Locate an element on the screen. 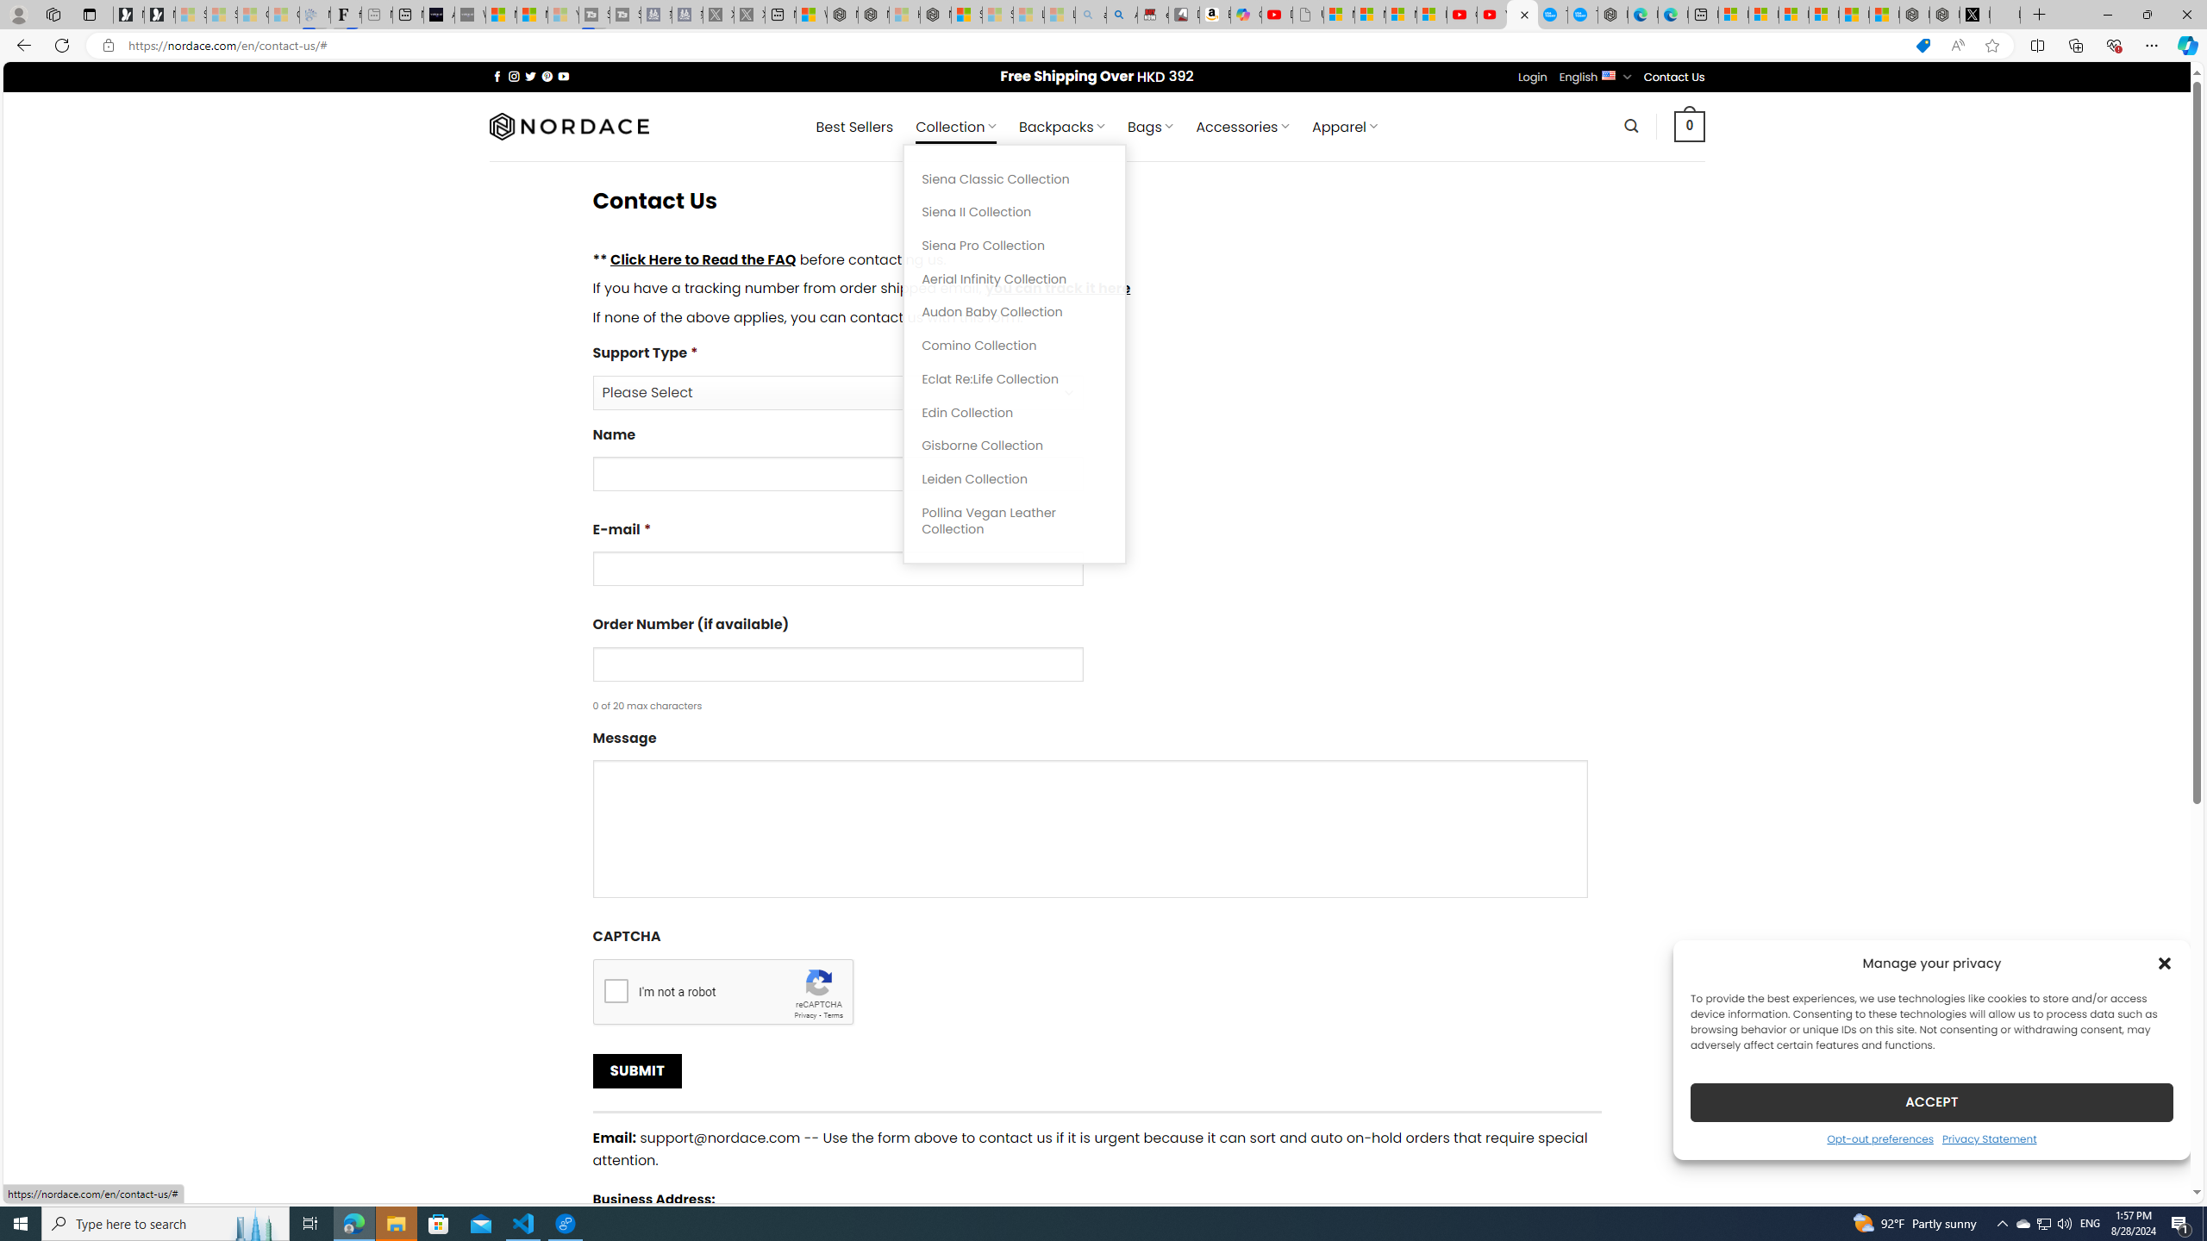 Image resolution: width=2207 pixels, height=1241 pixels. 'Follow on Pinterest' is located at coordinates (545, 76).